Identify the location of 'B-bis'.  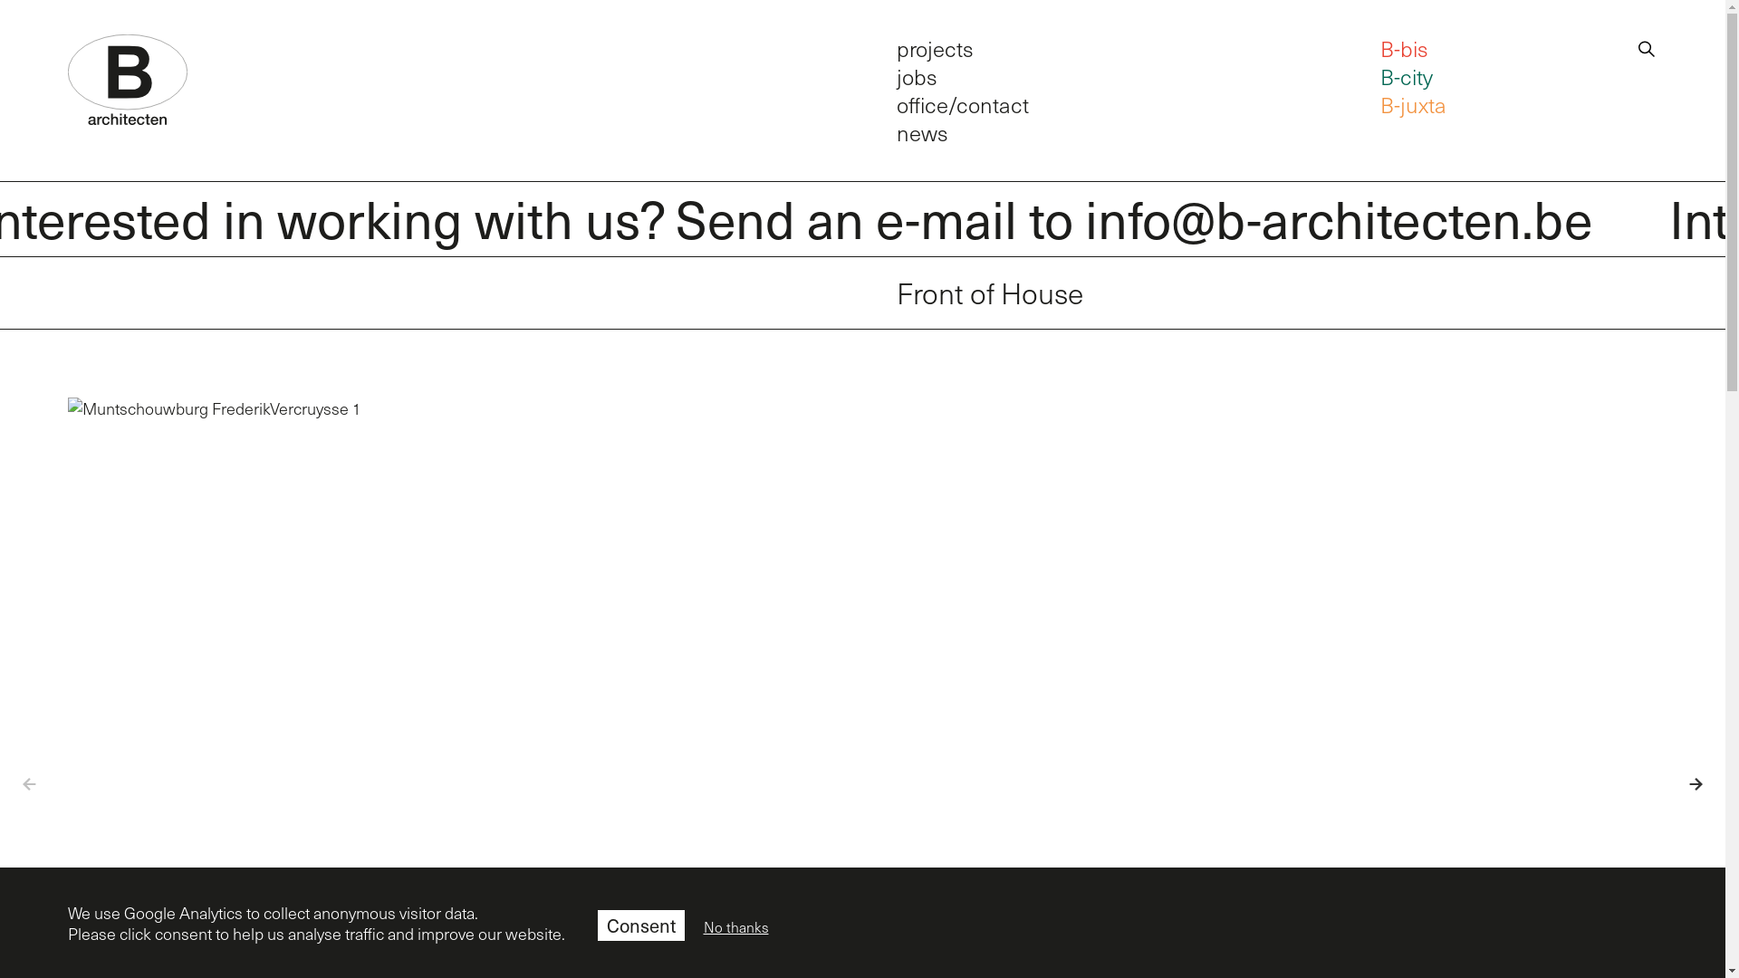
(1379, 45).